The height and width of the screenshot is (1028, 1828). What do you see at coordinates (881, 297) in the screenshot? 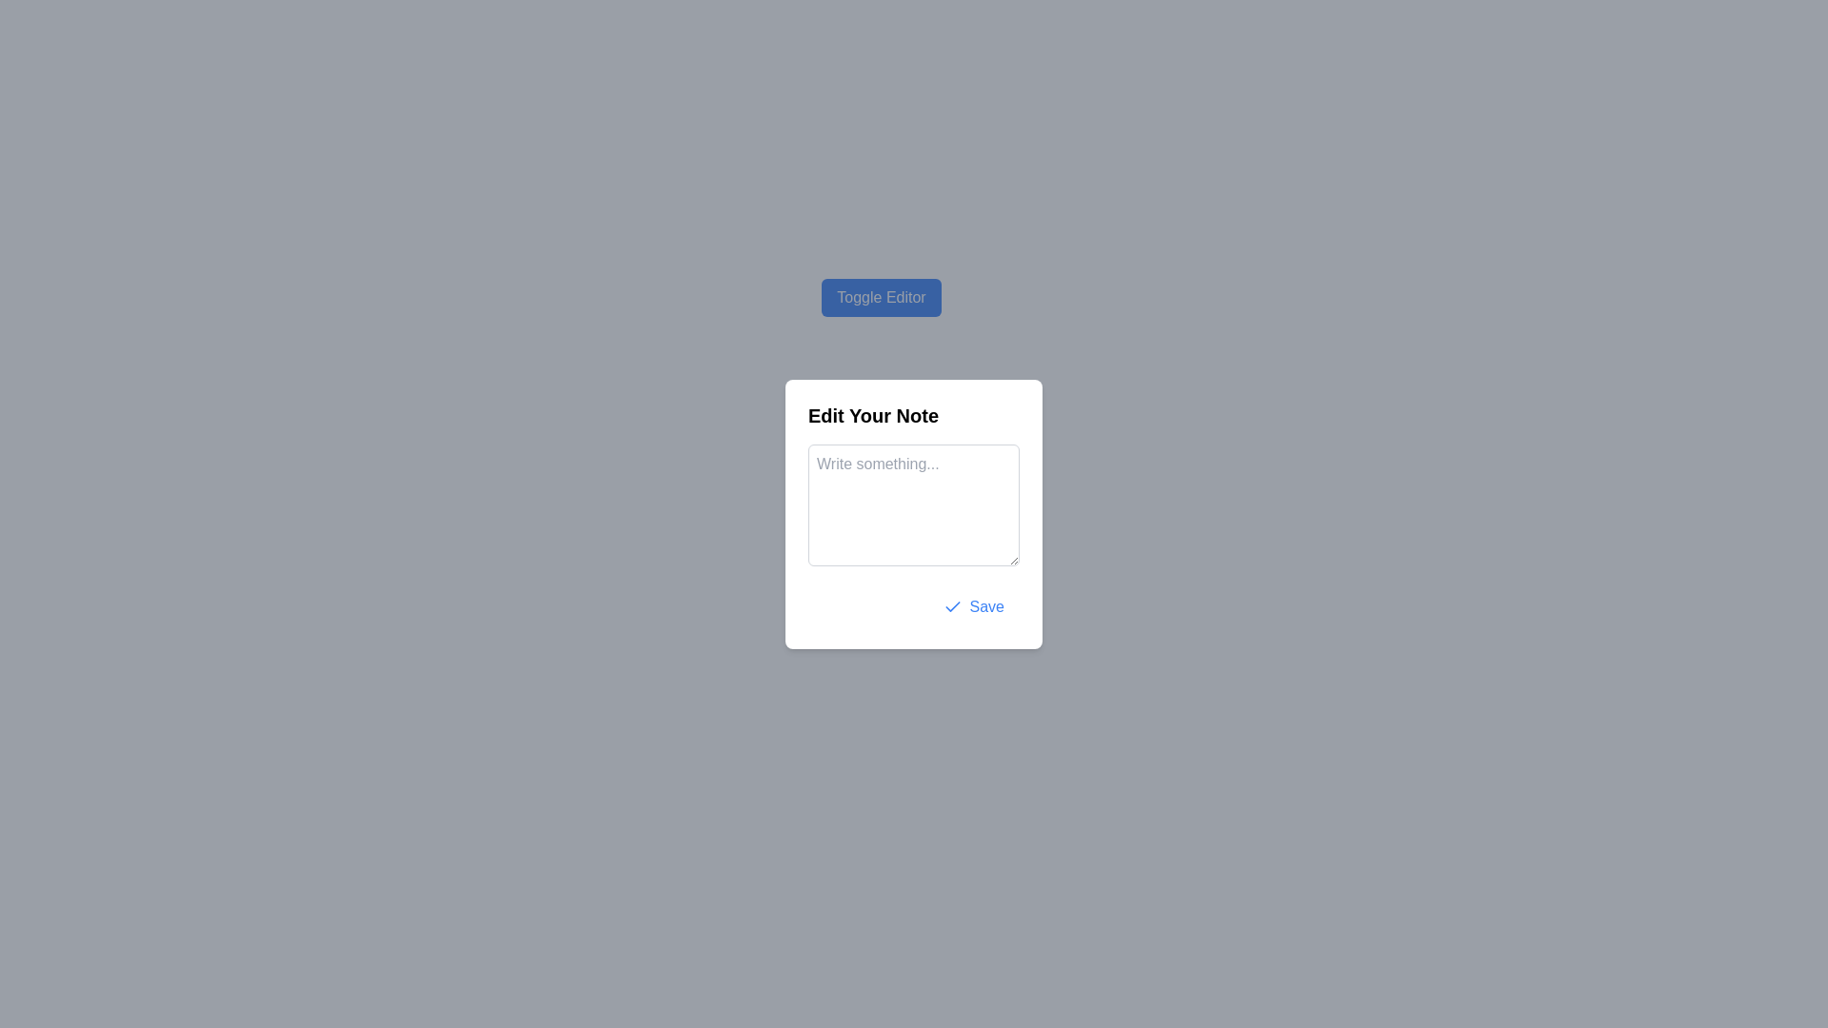
I see `the 'Toggle Editor' button, which is a rectangular button with rounded edges and a blue background` at bounding box center [881, 297].